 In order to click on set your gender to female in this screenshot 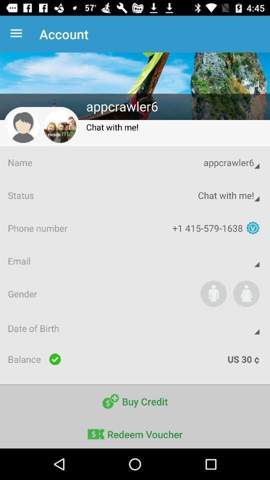, I will do `click(245, 293)`.